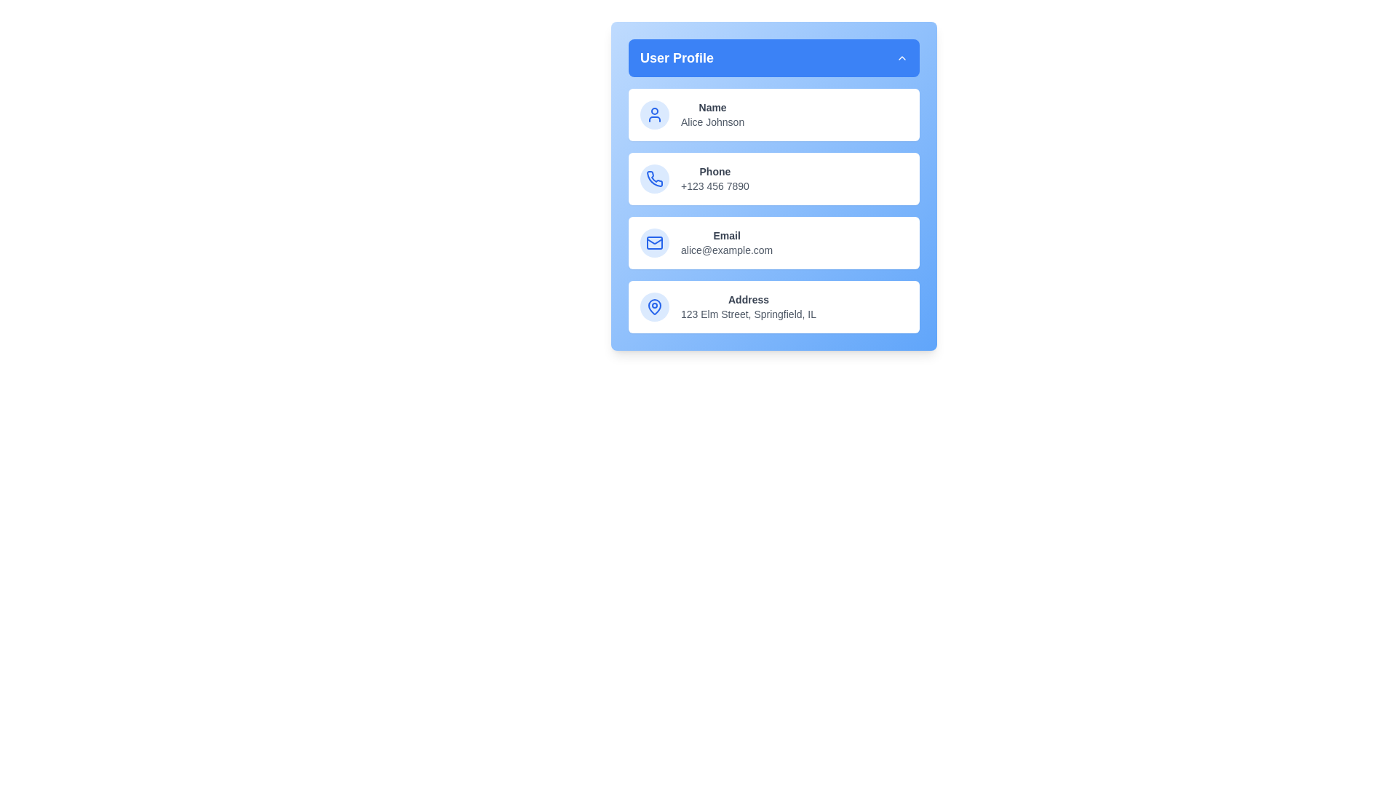 Image resolution: width=1397 pixels, height=786 pixels. I want to click on the static text label or heading that serves as a label for the address information in the user profile card, positioned above the address text and next to the location icon, so click(748, 299).